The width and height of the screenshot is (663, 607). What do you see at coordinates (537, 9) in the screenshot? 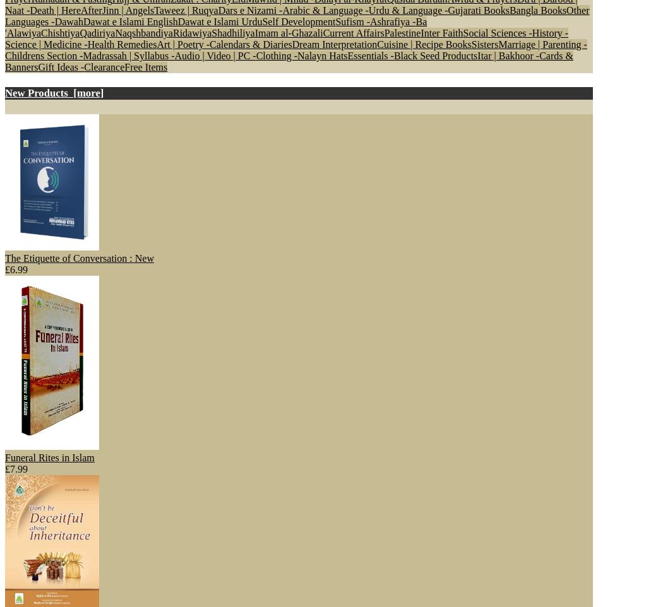
I see `'Bangla Books'` at bounding box center [537, 9].